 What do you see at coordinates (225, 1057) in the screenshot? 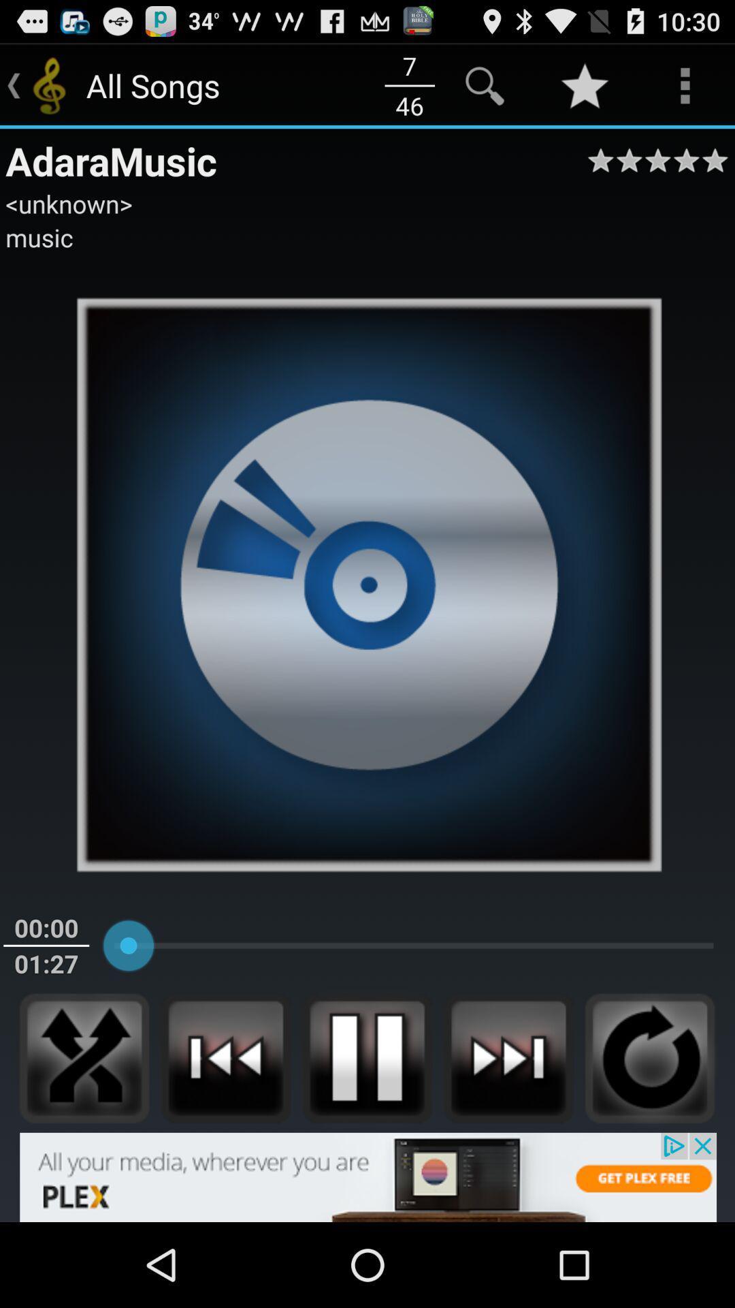
I see `the video and music player with customizable space` at bounding box center [225, 1057].